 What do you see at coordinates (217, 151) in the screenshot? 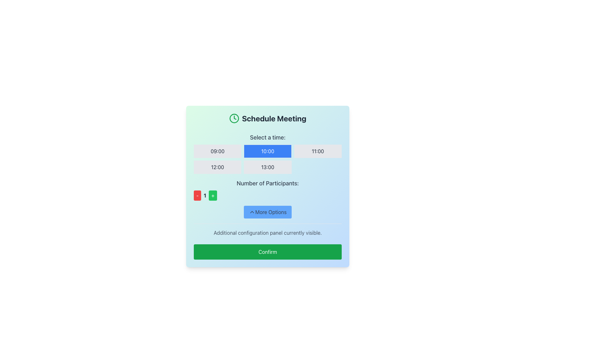
I see `the time selection button labeled '09:00', which is the first button in the top row of the grid layout` at bounding box center [217, 151].